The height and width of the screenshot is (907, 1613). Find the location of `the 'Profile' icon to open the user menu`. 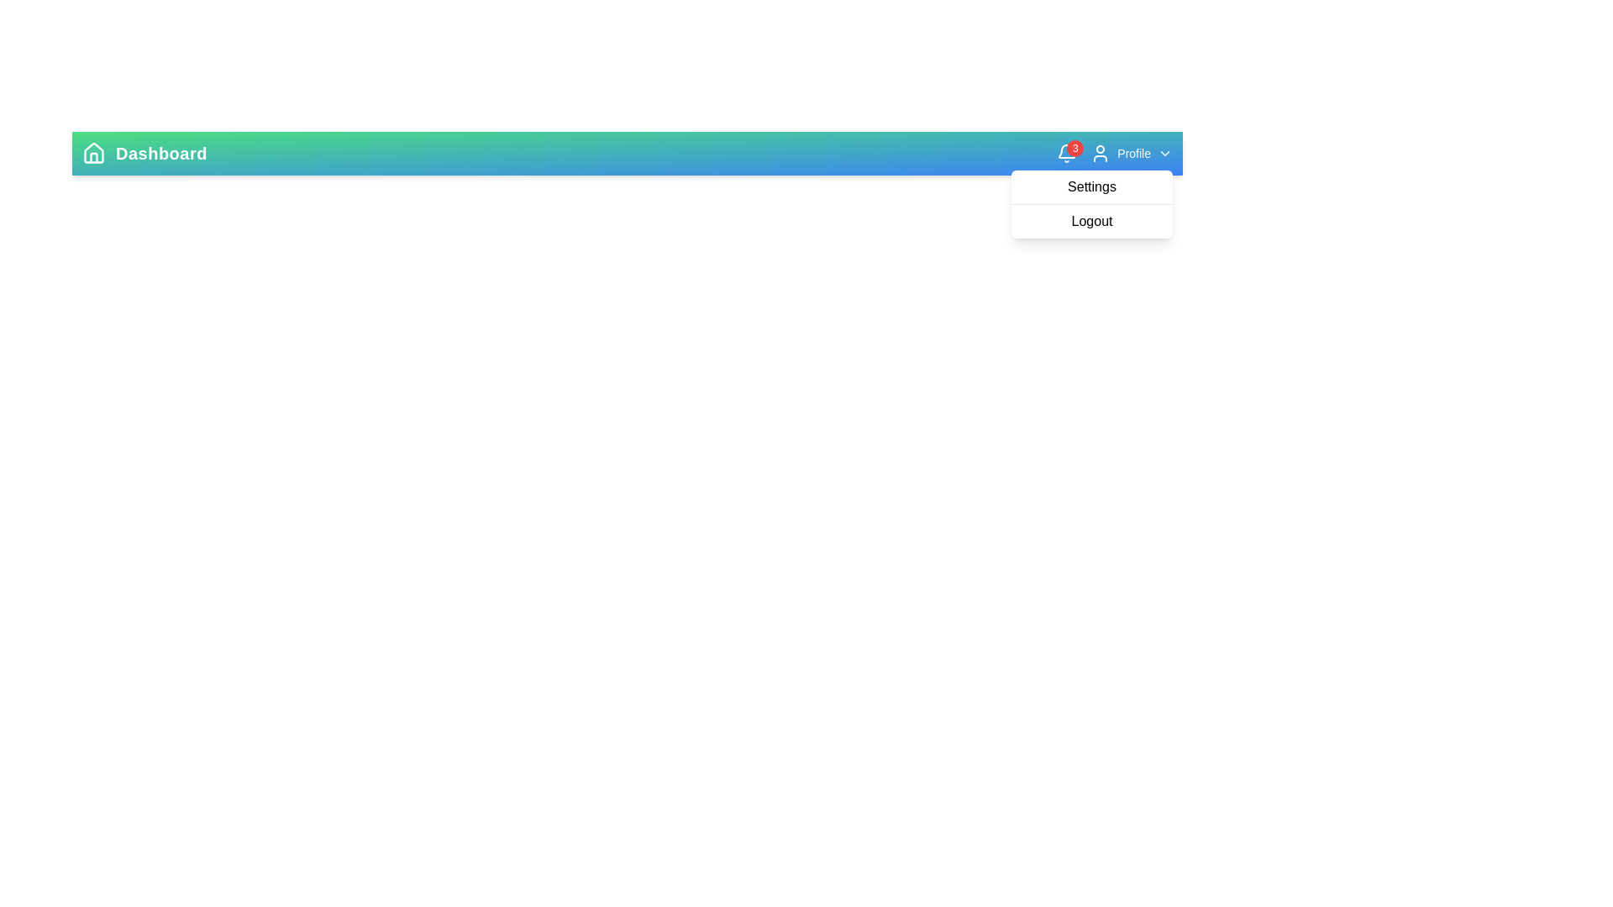

the 'Profile' icon to open the user menu is located at coordinates (1101, 153).